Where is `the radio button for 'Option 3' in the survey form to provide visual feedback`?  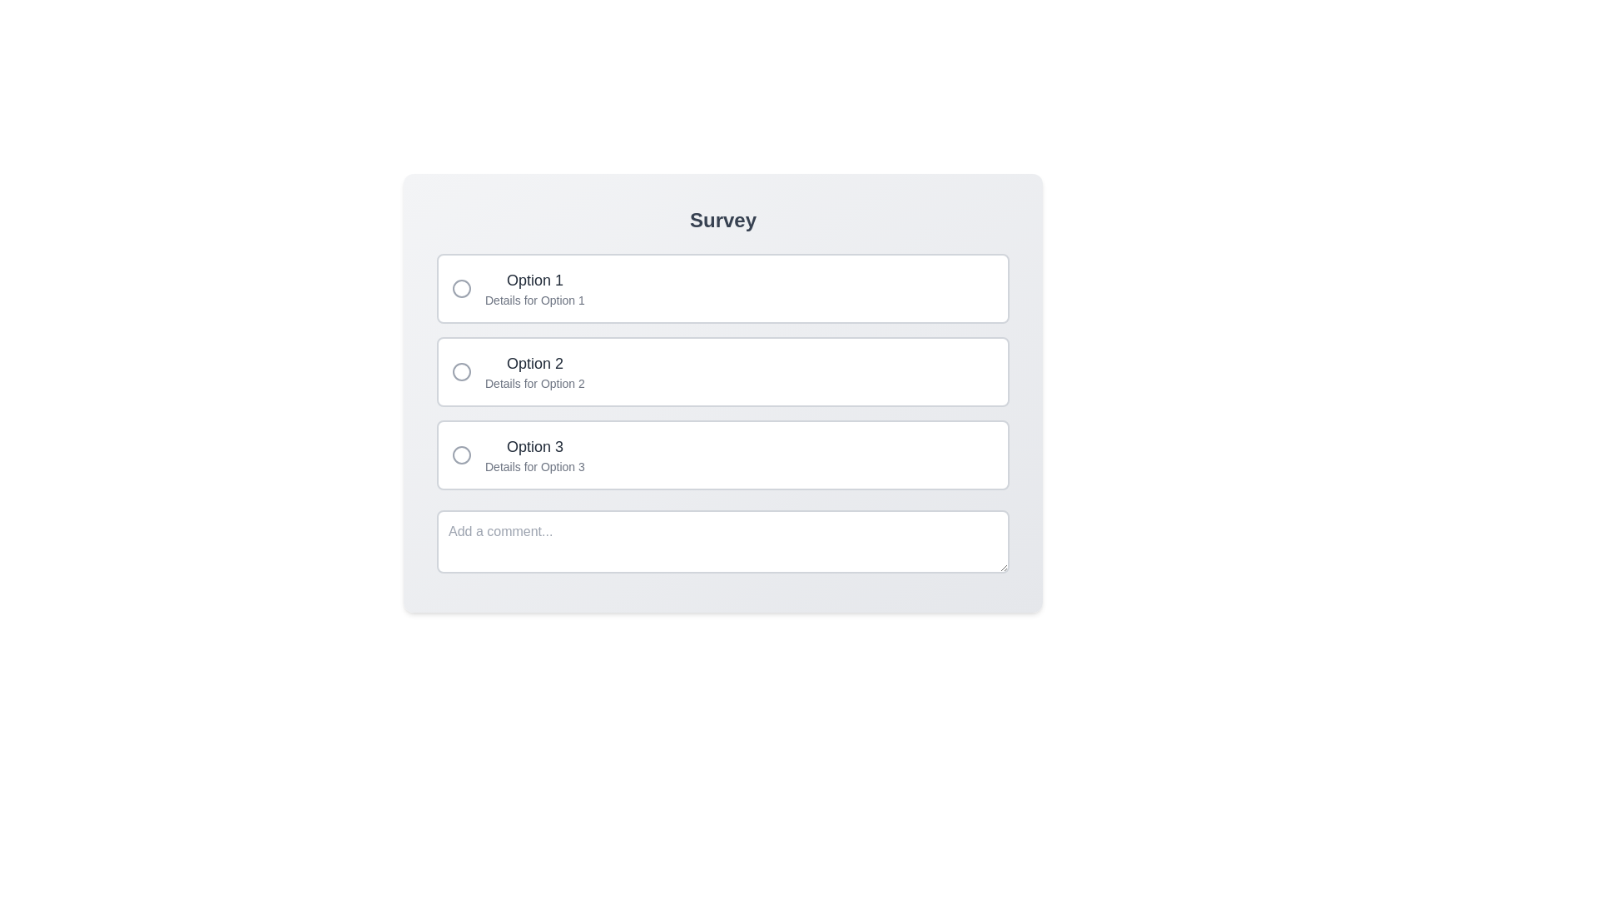
the radio button for 'Option 3' in the survey form to provide visual feedback is located at coordinates (462, 455).